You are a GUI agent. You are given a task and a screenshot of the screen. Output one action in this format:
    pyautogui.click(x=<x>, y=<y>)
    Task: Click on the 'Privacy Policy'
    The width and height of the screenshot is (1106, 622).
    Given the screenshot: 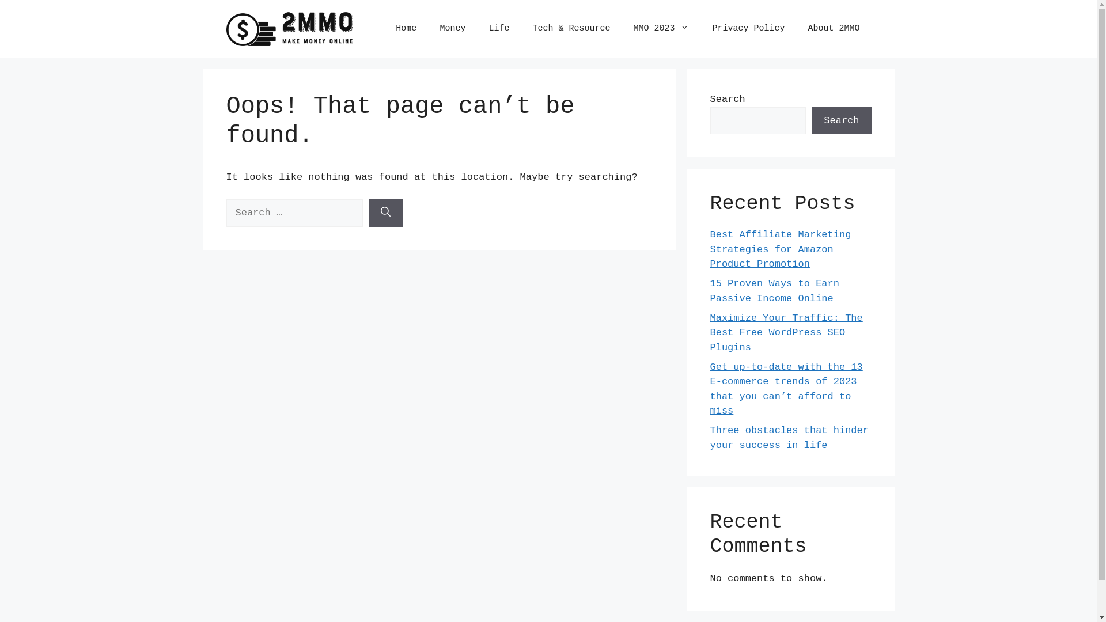 What is the action you would take?
    pyautogui.click(x=748, y=28)
    